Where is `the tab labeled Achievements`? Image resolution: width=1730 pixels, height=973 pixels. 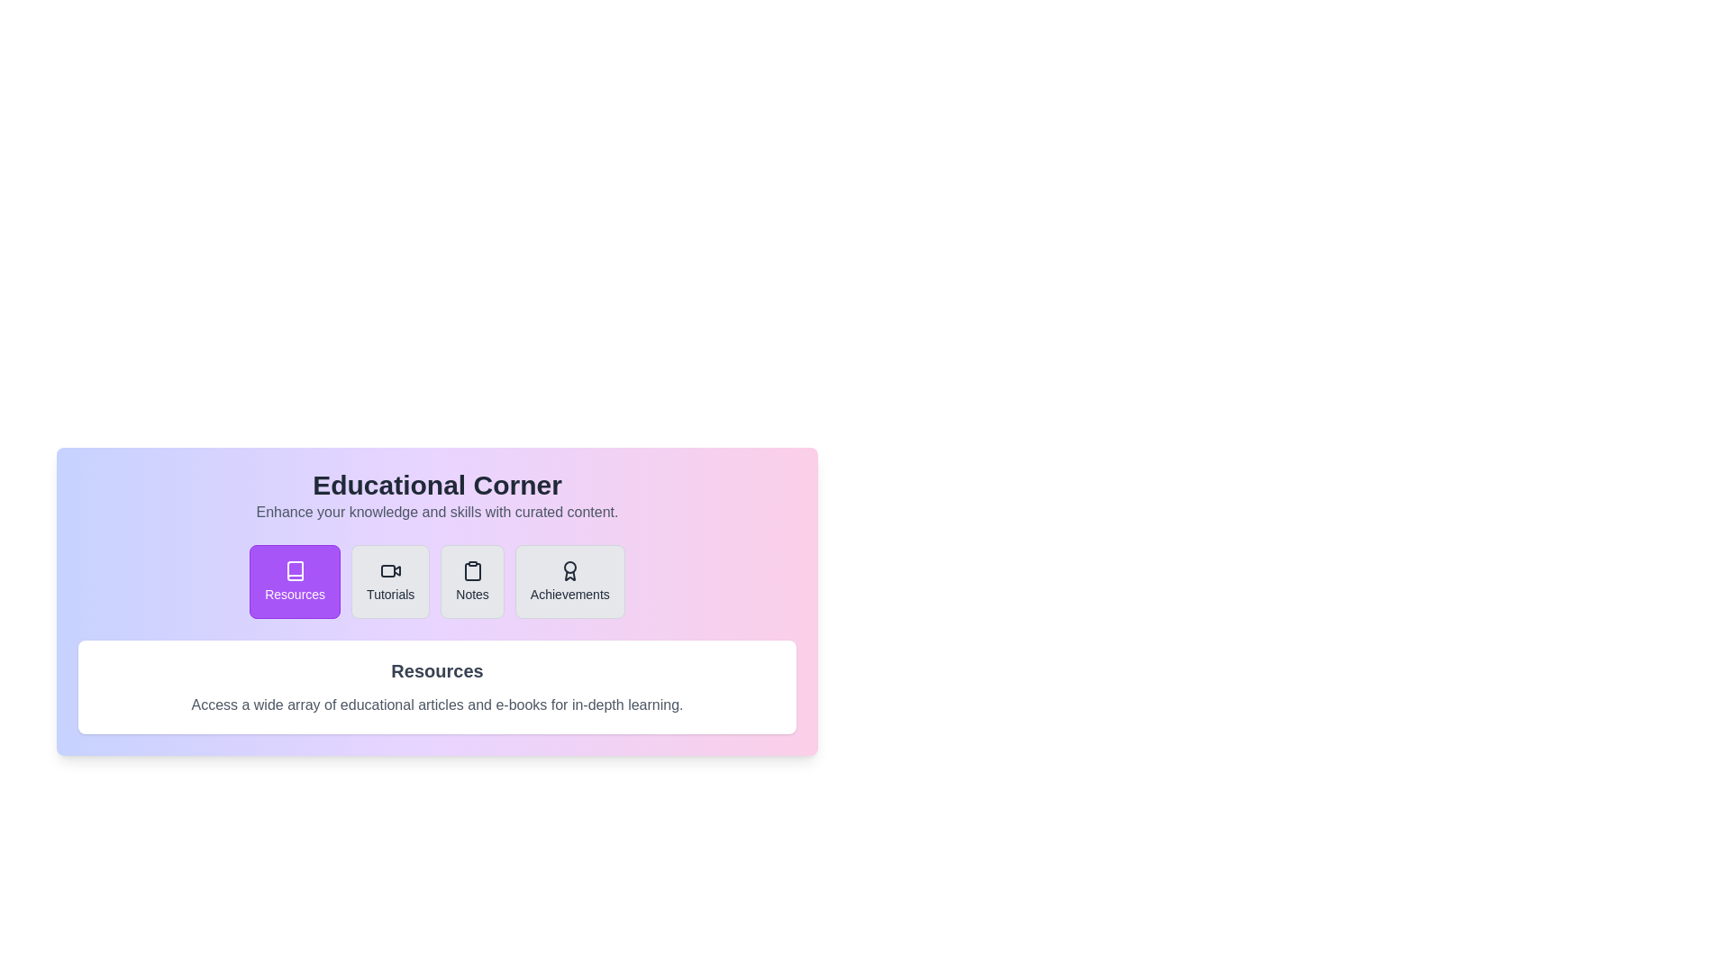
the tab labeled Achievements is located at coordinates (569, 581).